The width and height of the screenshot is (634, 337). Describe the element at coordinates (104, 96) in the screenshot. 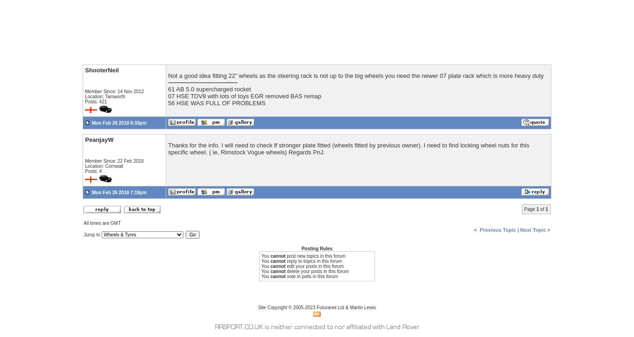

I see `'Location: Tamworth'` at that location.